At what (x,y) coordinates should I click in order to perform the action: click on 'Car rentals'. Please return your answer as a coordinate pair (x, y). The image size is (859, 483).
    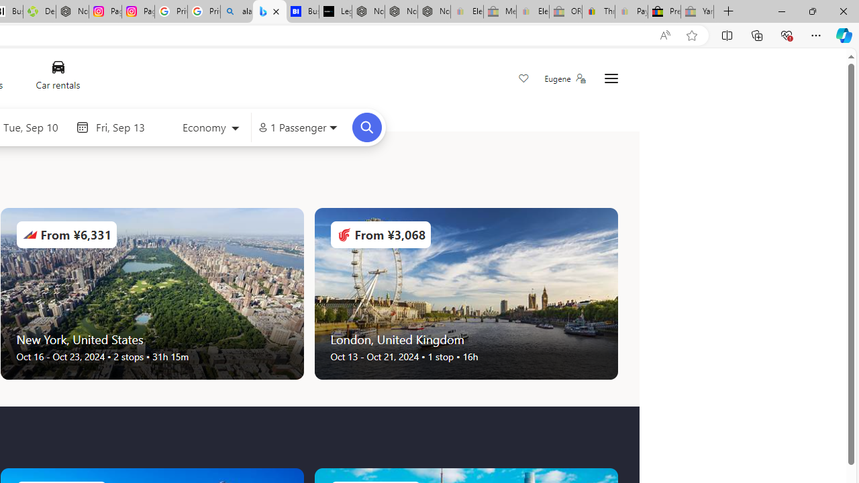
    Looking at the image, I should click on (57, 78).